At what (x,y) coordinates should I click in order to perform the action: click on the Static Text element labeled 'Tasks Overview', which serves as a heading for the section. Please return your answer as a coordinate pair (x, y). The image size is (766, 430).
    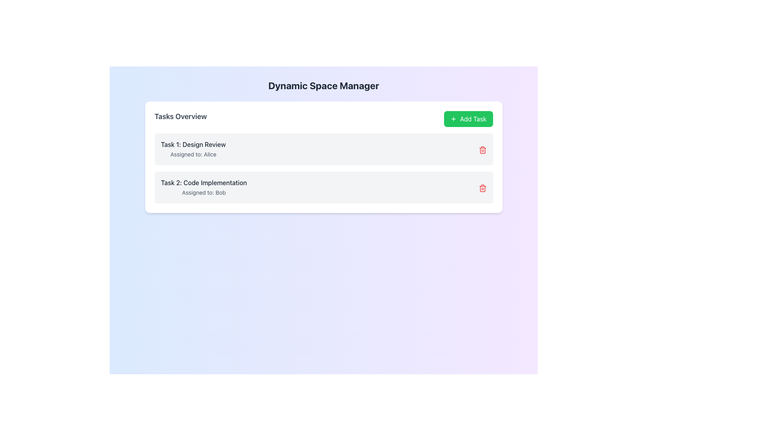
    Looking at the image, I should click on (180, 119).